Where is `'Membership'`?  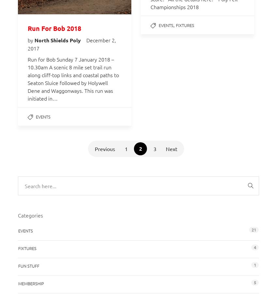 'Membership' is located at coordinates (31, 283).